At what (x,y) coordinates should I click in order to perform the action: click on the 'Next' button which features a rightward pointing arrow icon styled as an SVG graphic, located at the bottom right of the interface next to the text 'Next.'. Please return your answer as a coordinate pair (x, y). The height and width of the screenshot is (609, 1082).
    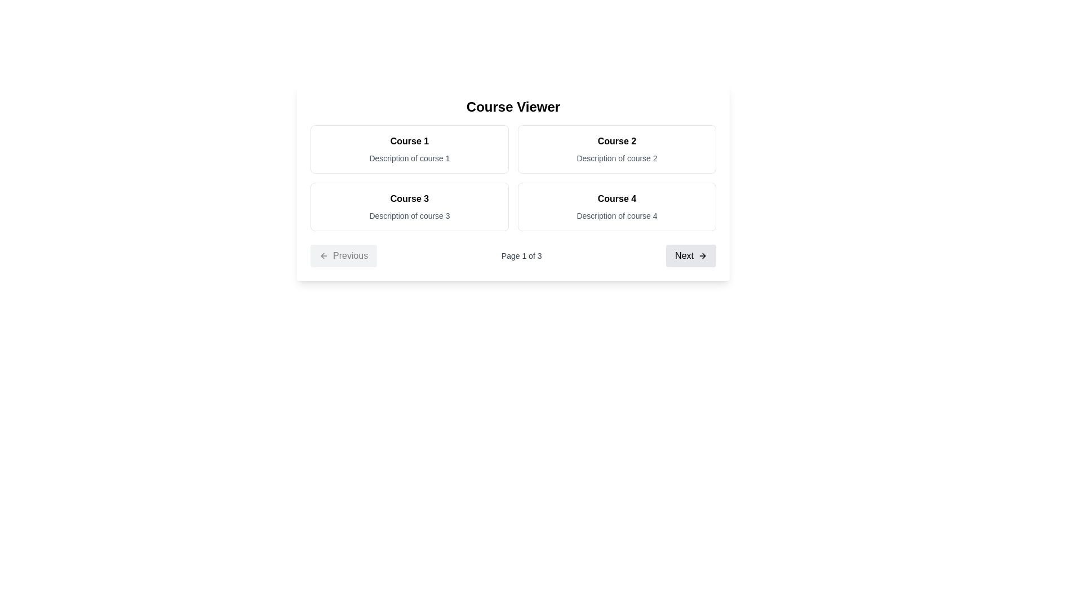
    Looking at the image, I should click on (703, 256).